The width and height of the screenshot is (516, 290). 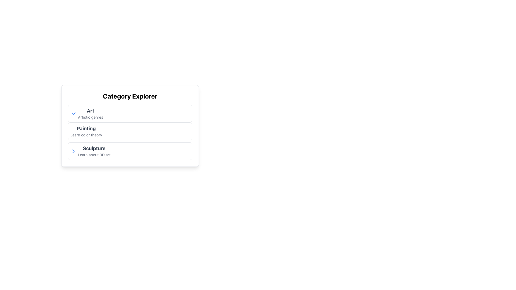 What do you see at coordinates (130, 132) in the screenshot?
I see `the educational topic section labeled 'Painting' with the subtitle 'Learn color theory' located within the 'Category Explorer' card component, which is the second section under 'Art'` at bounding box center [130, 132].